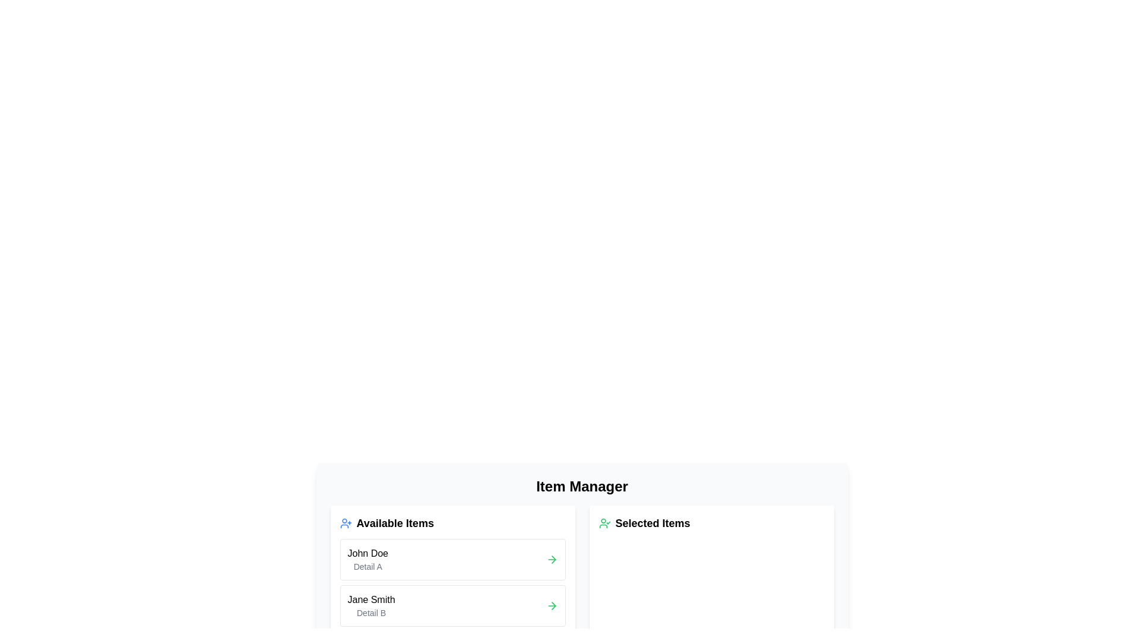 The width and height of the screenshot is (1140, 641). Describe the element at coordinates (604, 523) in the screenshot. I see `the 'user with a checkmark' icon located to the immediate left of the 'Selected Items' text in the 'Selected Items' section` at that location.